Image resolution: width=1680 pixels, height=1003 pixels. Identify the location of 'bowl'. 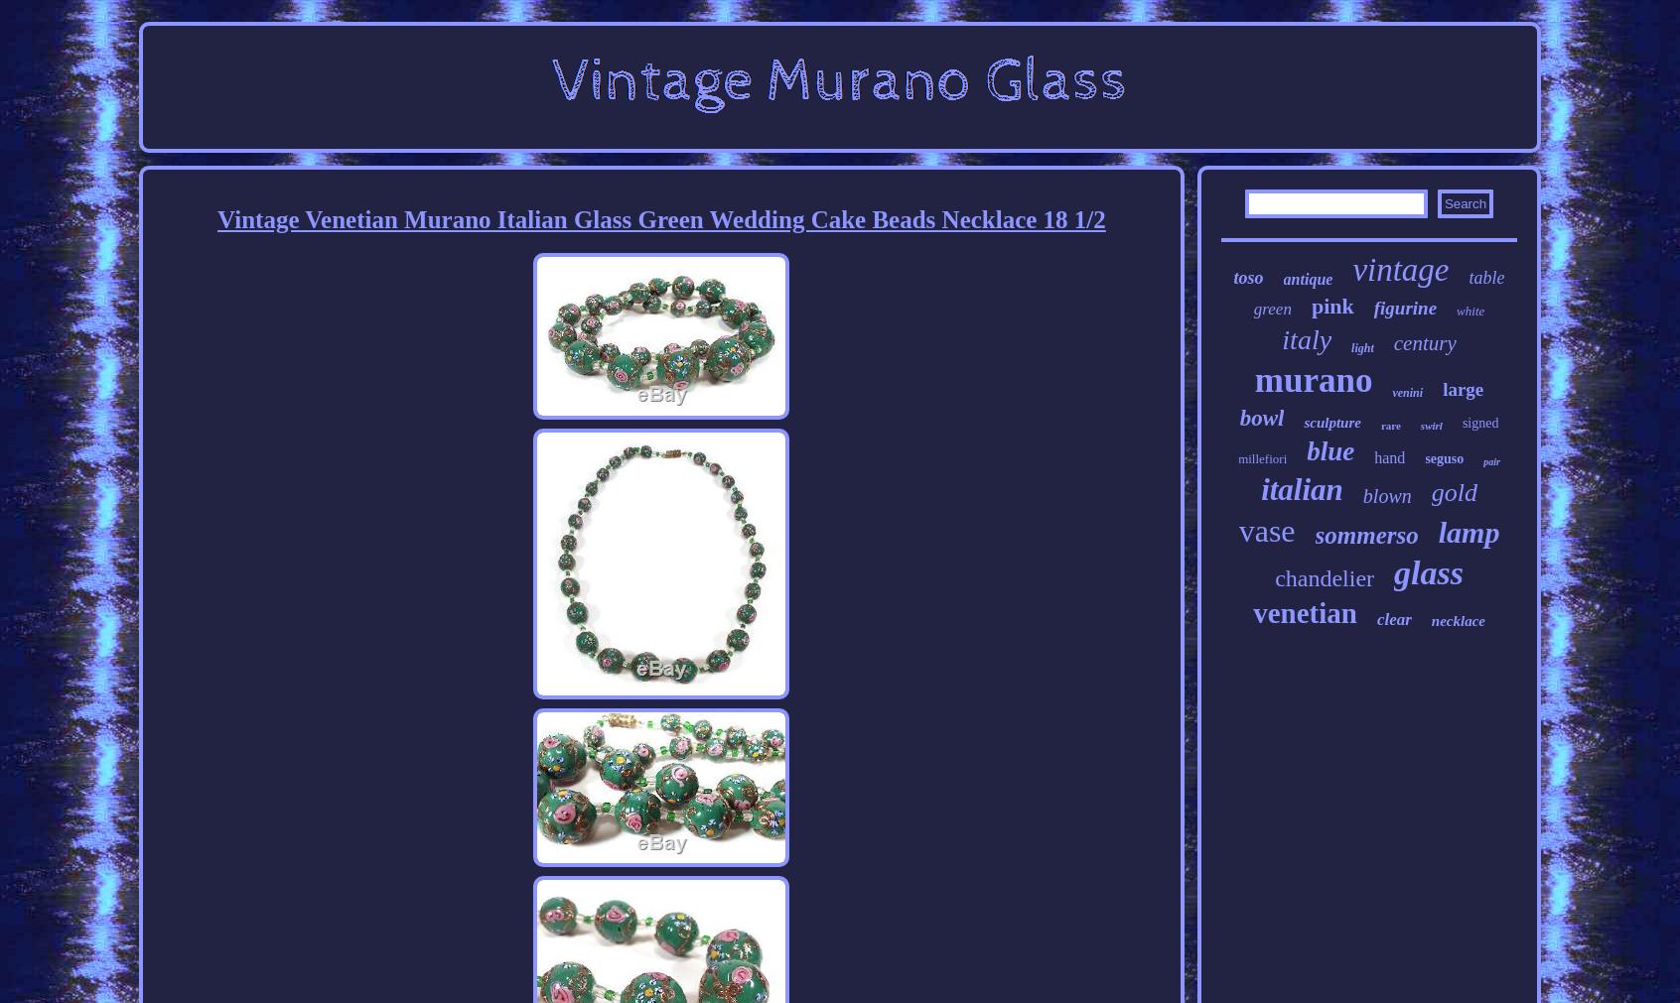
(1260, 417).